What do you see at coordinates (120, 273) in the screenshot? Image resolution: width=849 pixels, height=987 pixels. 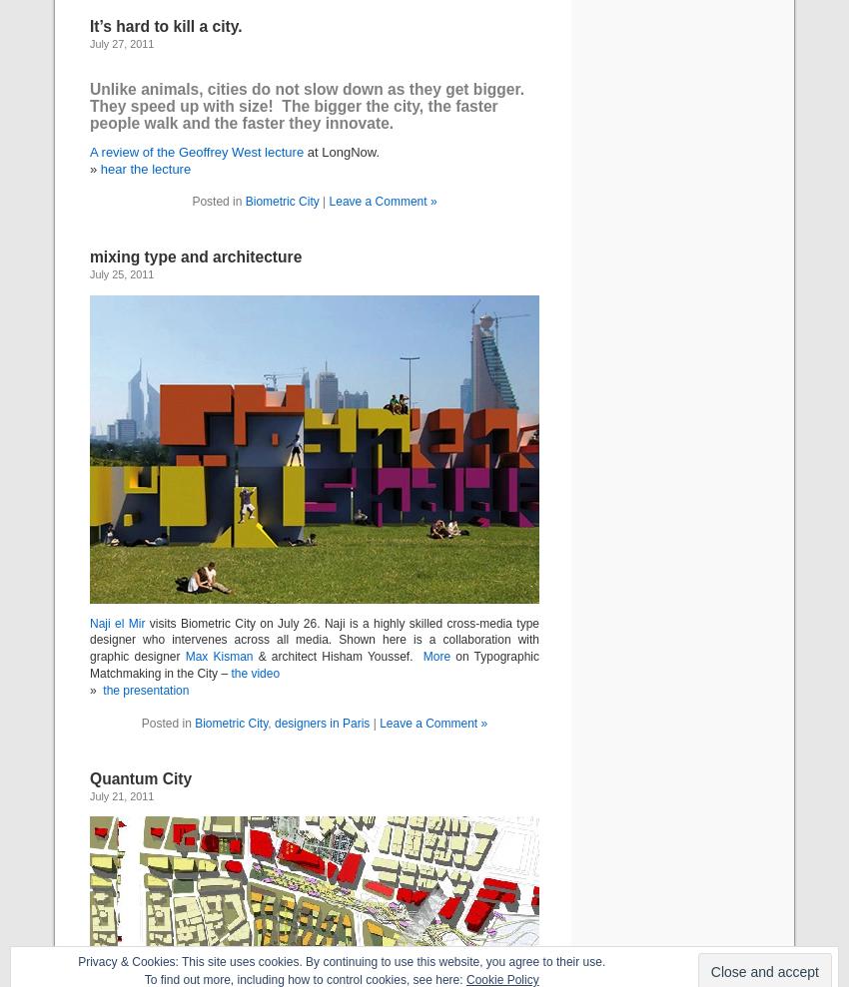 I see `'July 25, 2011'` at bounding box center [120, 273].